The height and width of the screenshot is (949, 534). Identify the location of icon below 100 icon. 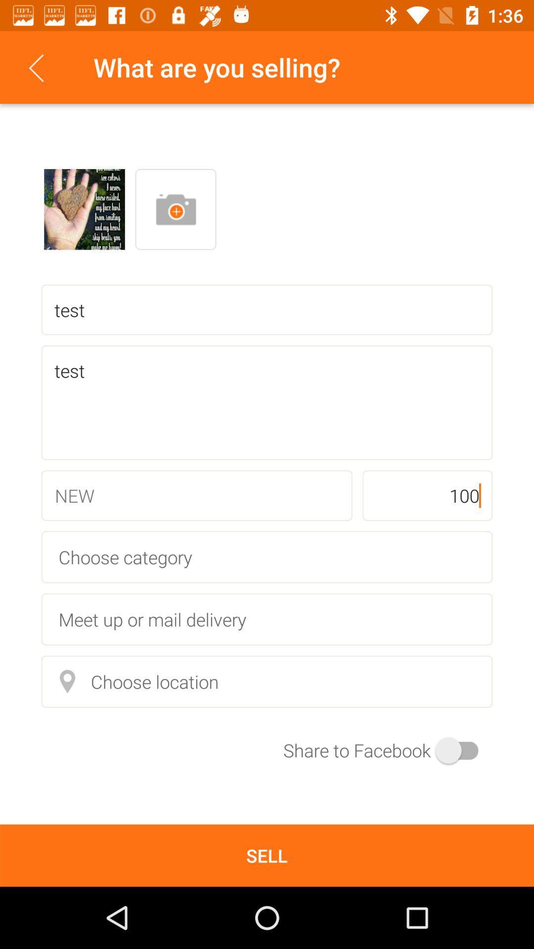
(267, 557).